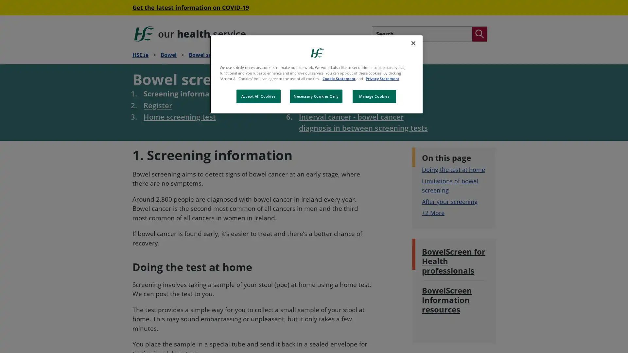 The image size is (628, 353). What do you see at coordinates (413, 43) in the screenshot?
I see `Close` at bounding box center [413, 43].